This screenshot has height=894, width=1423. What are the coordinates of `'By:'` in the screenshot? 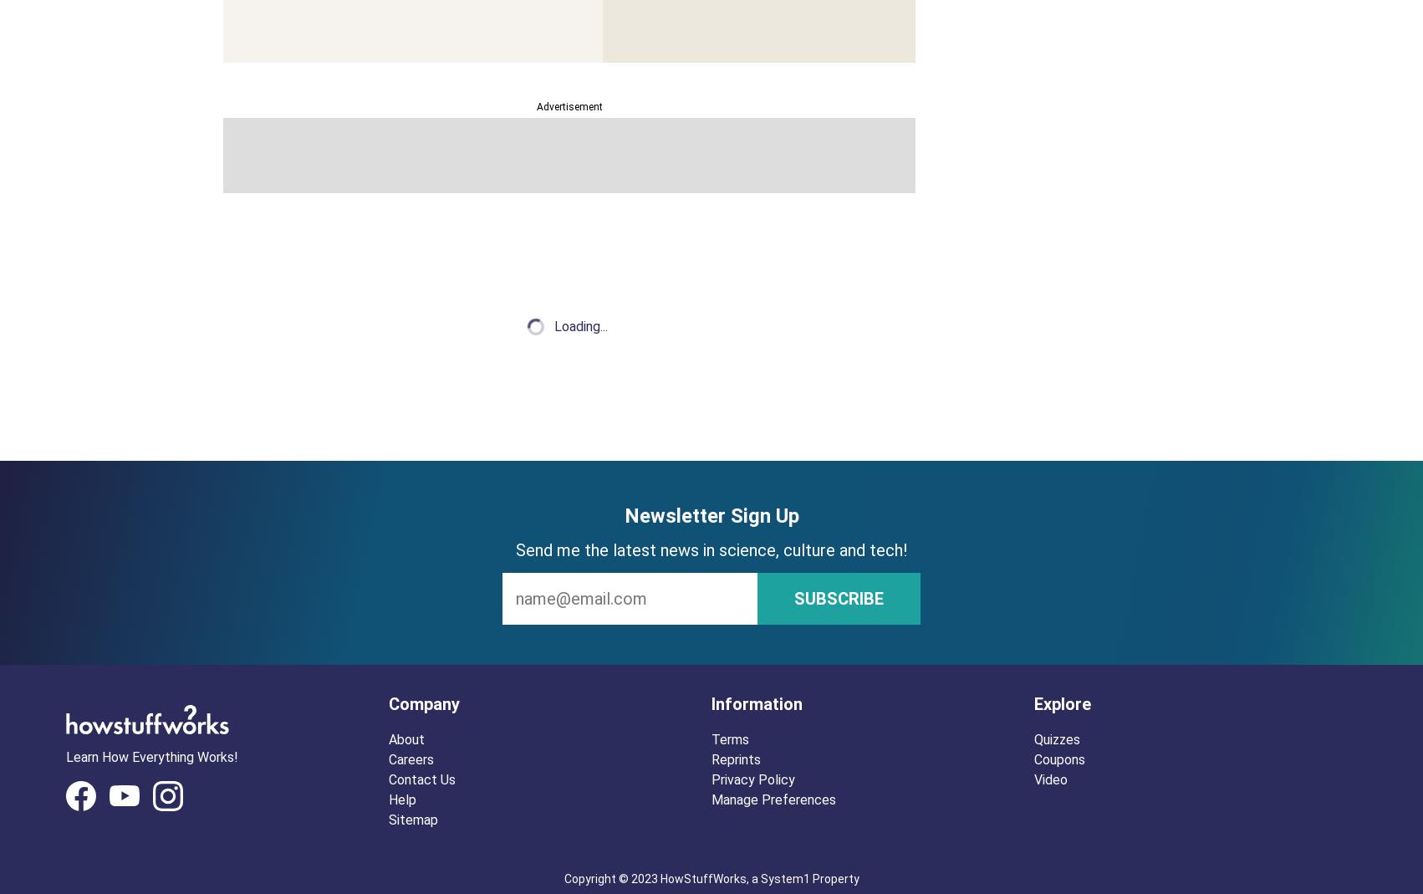 It's located at (232, 334).